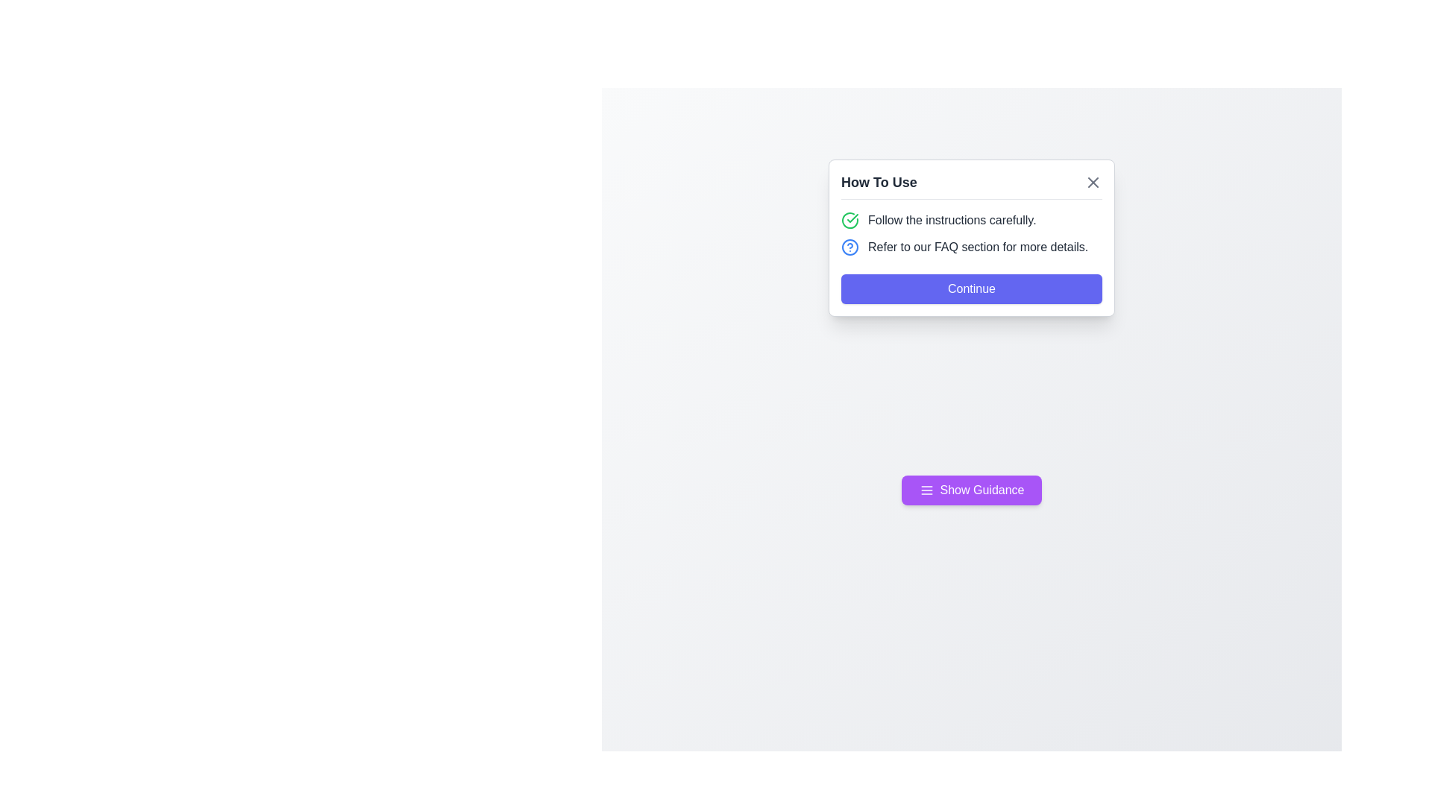 Image resolution: width=1432 pixels, height=805 pixels. I want to click on the 'close' button represented by the Vector icon in the top-right corner of the 'How to Use' modal, so click(1093, 182).